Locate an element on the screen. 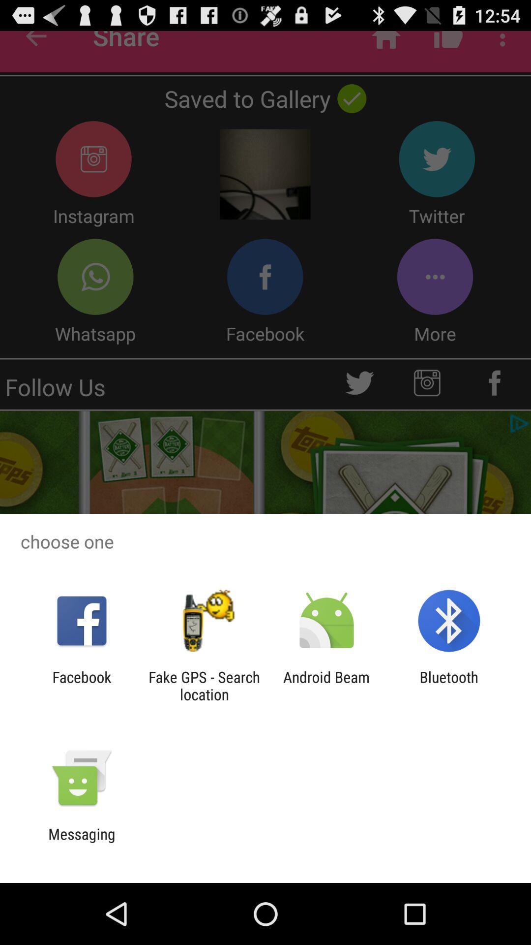 The image size is (531, 945). the bluetooth item is located at coordinates (449, 685).